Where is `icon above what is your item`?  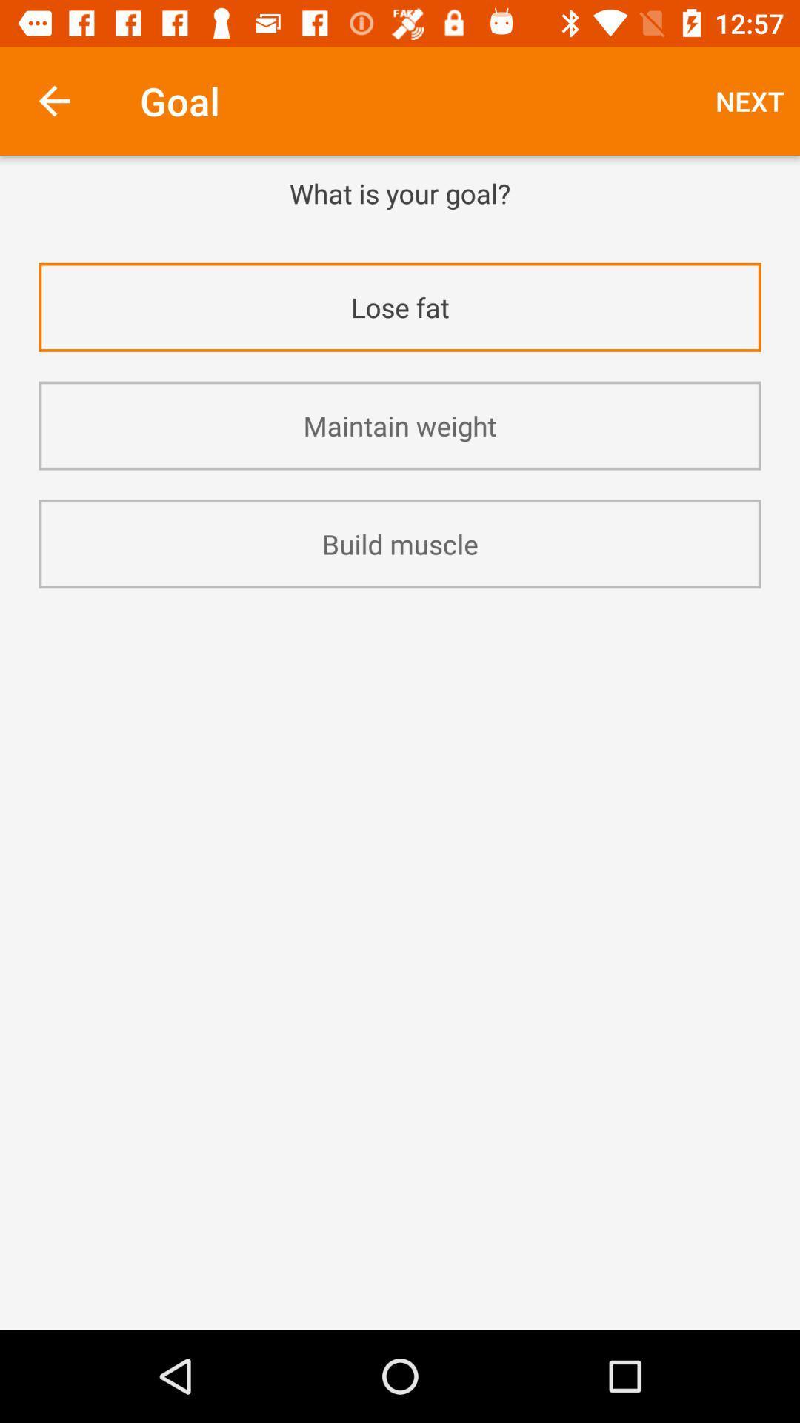
icon above what is your item is located at coordinates (53, 100).